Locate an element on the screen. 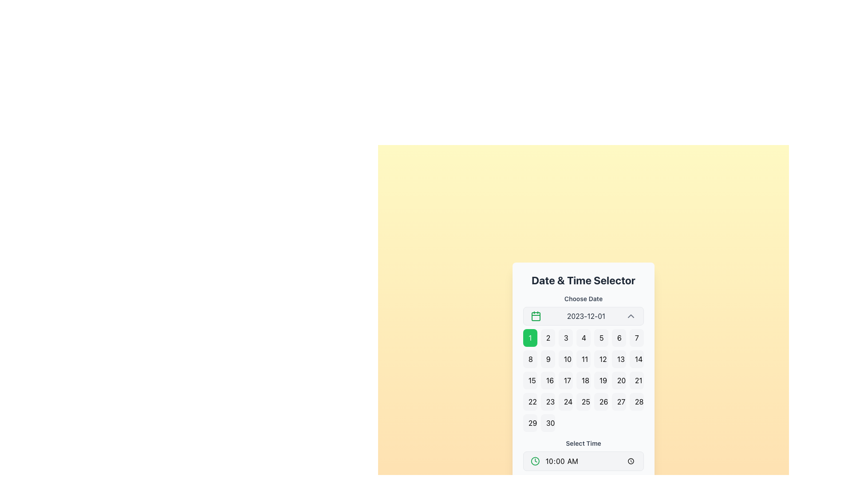  the green calendar icon, which is positioned to the left of the date text '2023-12-01' is located at coordinates (536, 316).